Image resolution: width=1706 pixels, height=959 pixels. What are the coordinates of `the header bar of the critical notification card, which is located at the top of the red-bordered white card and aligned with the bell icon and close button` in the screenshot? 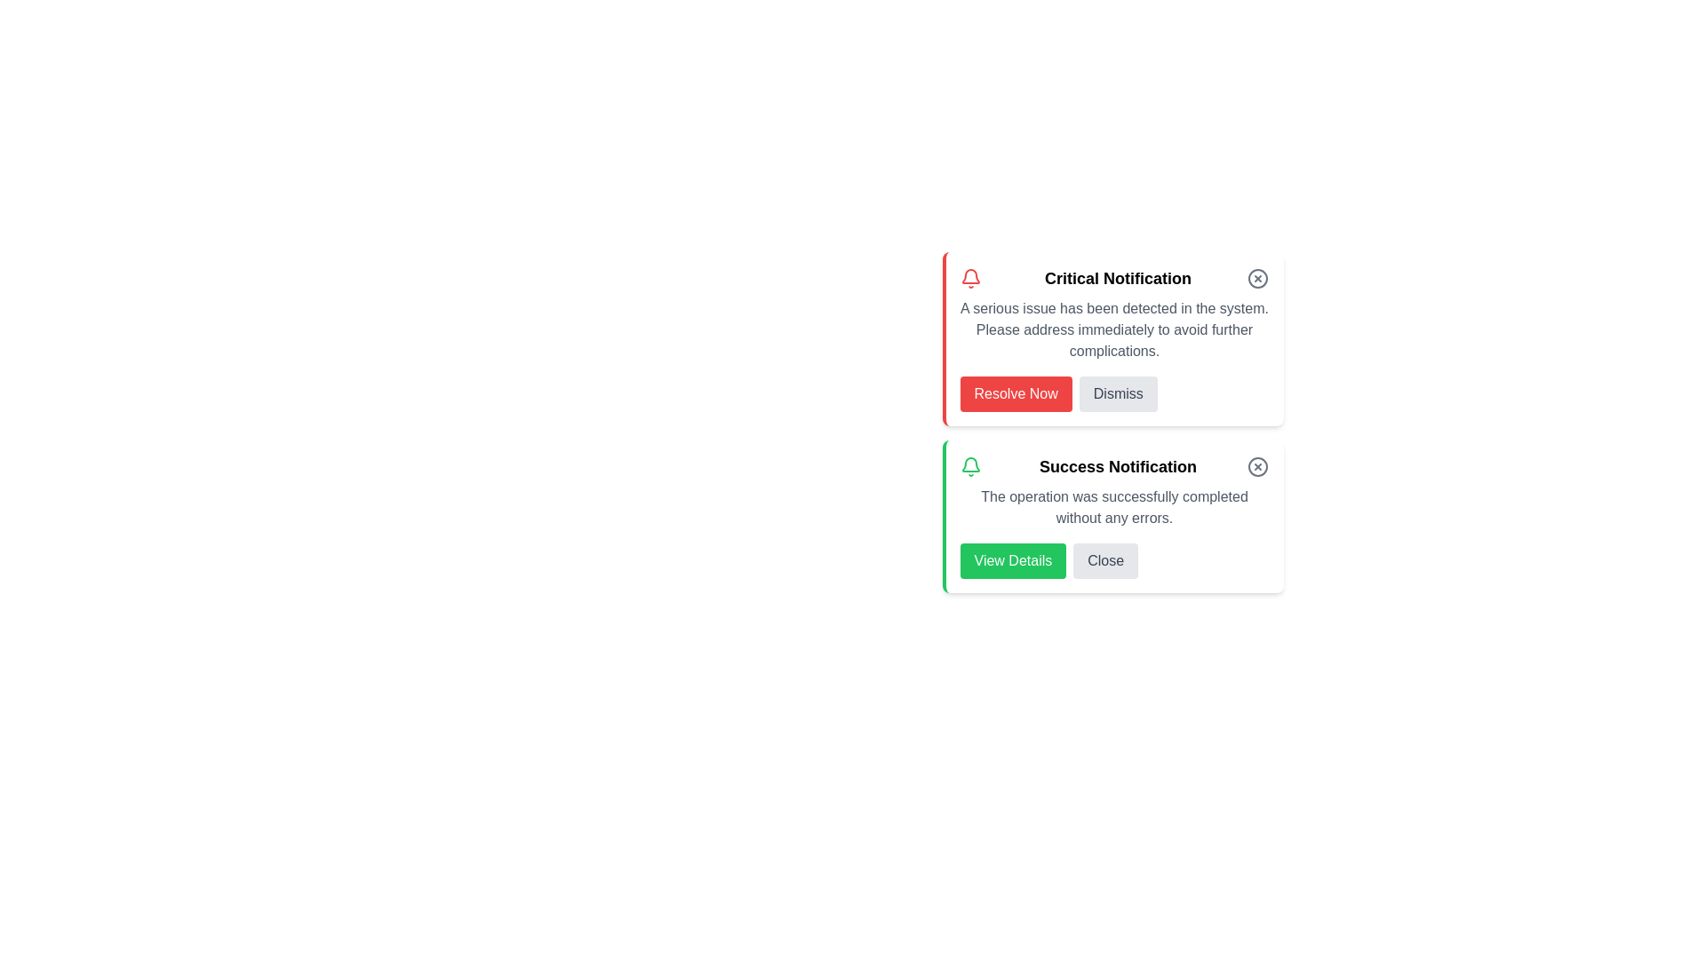 It's located at (1113, 278).